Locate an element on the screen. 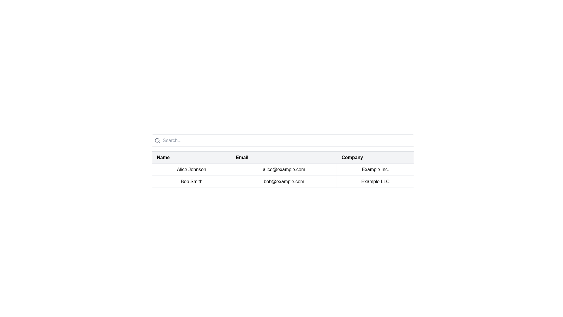 Image resolution: width=563 pixels, height=317 pixels. the second row of the user details table which contains the cells 'Bob Smith', 'bob@example.com', and 'Example LLC' to highlight or select it is located at coordinates (283, 181).